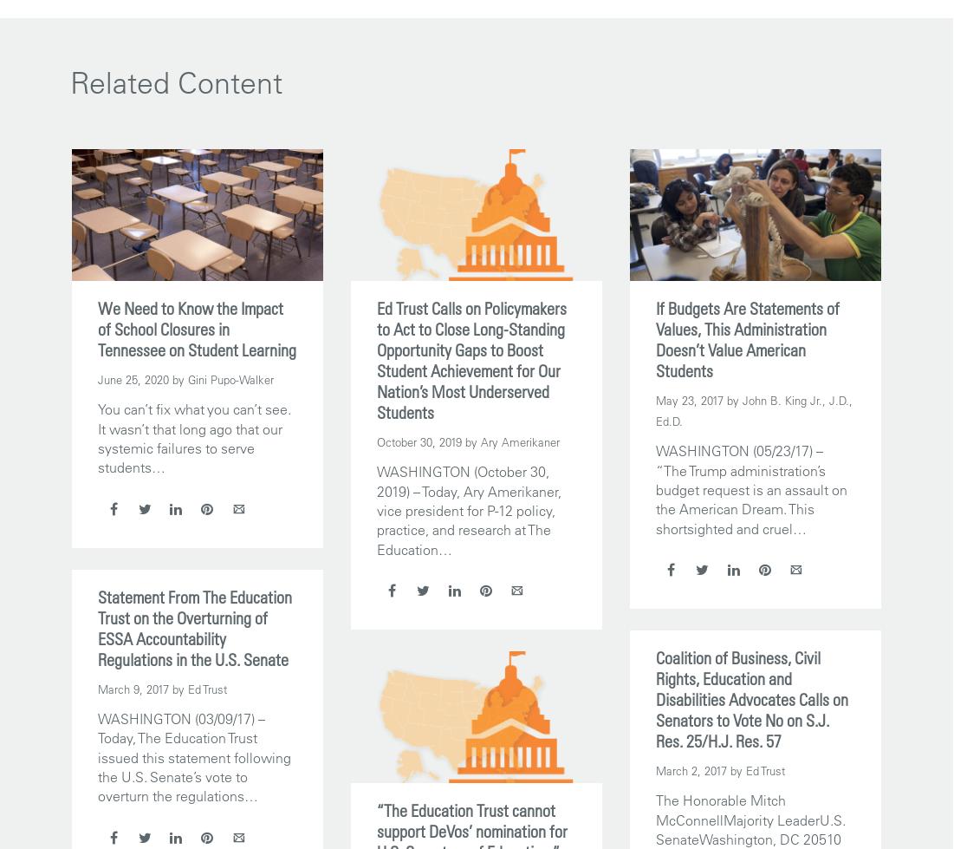 The height and width of the screenshot is (849, 954). What do you see at coordinates (752, 410) in the screenshot?
I see `'by John B. King Jr., J.D., Ed.D.'` at bounding box center [752, 410].